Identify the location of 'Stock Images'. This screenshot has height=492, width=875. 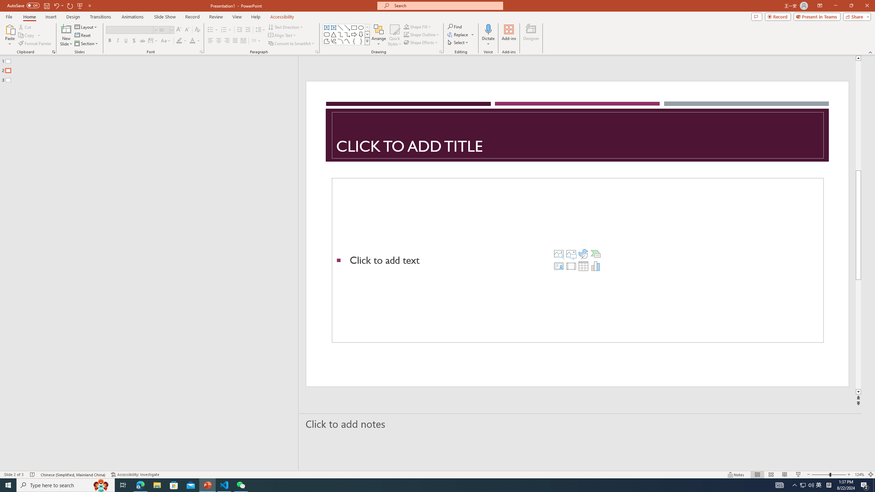
(558, 254).